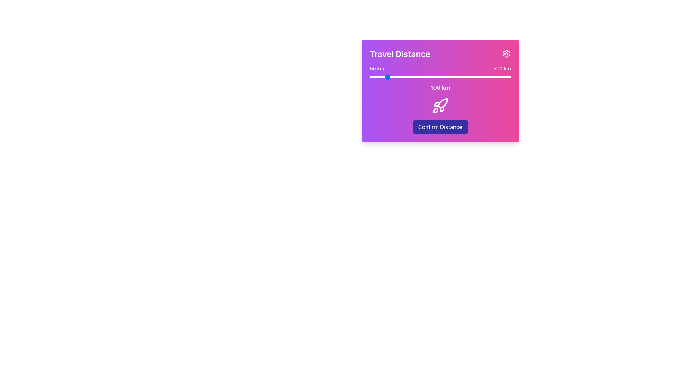  I want to click on the static label '50 km' which indicates the minimum value of a range on a horizontal slider, located in the top-right quadrant of the interface, so click(376, 69).